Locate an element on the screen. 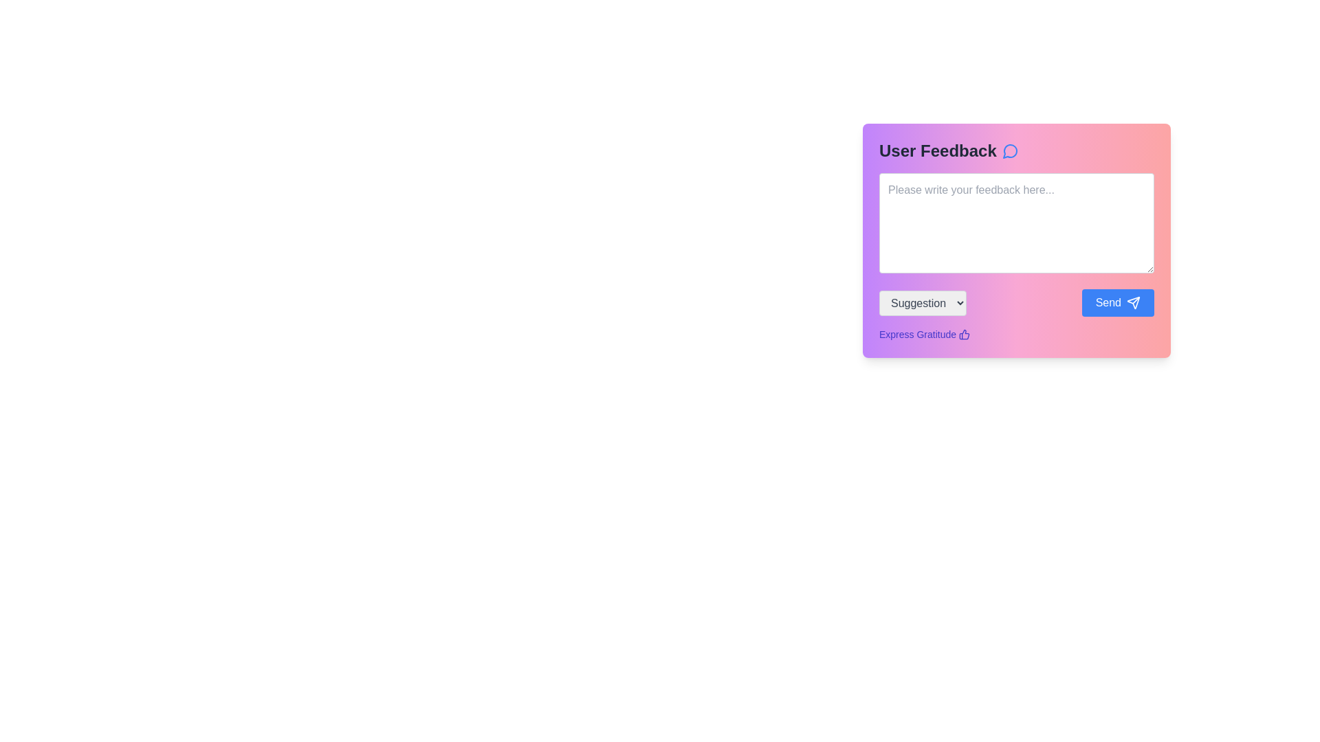 Image resolution: width=1320 pixels, height=742 pixels. the small paper plane icon inside the 'Send' button is located at coordinates (1134, 302).